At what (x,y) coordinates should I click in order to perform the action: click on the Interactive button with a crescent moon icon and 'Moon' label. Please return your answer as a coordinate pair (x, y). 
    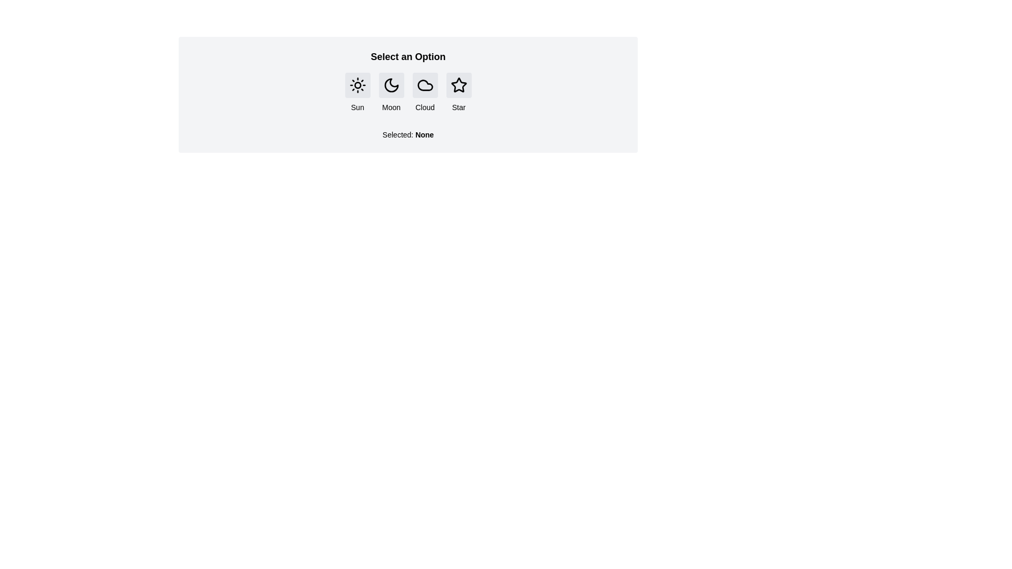
    Looking at the image, I should click on (391, 92).